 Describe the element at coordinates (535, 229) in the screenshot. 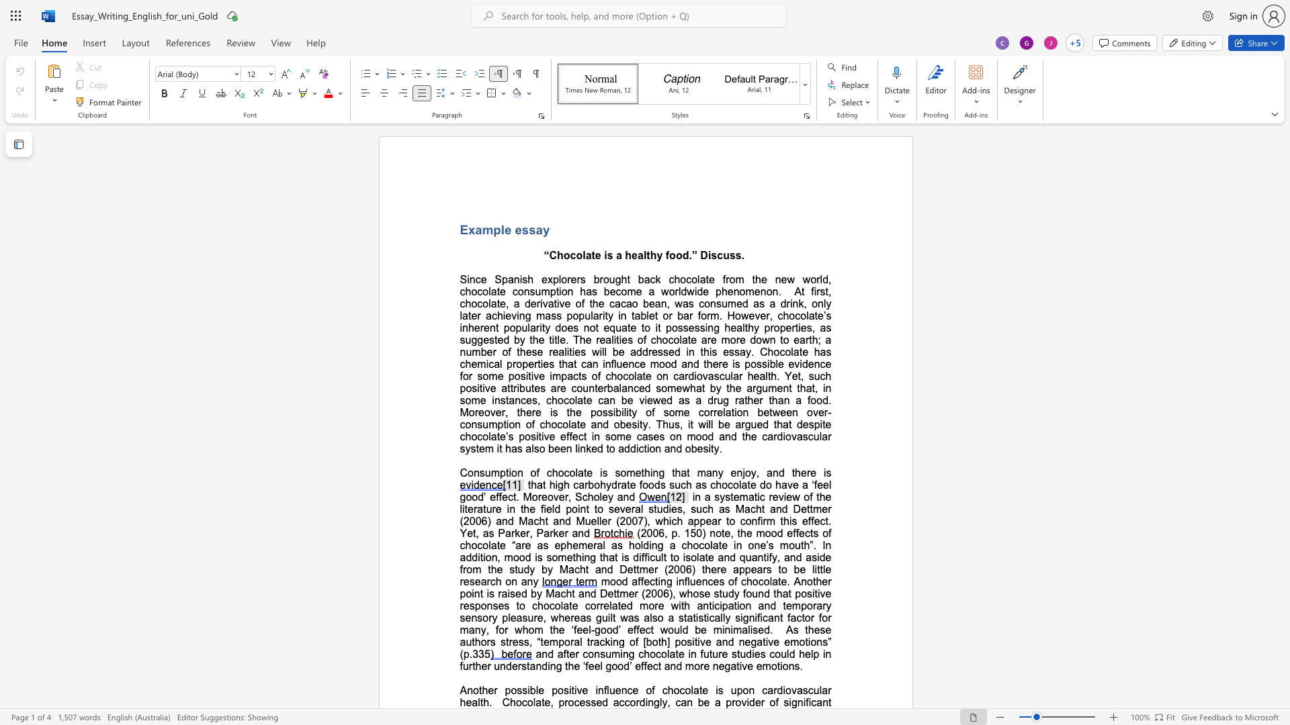

I see `the space between the continuous character "s" and "a" in the text` at that location.